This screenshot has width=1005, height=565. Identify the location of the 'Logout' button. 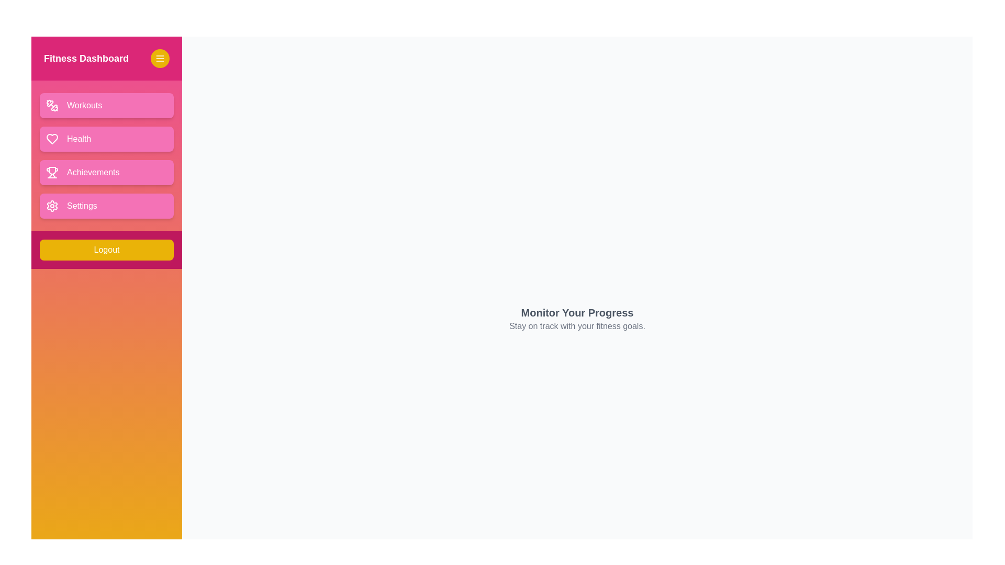
(106, 250).